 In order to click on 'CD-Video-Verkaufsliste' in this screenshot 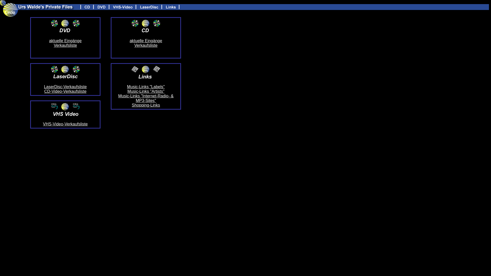, I will do `click(65, 91)`.